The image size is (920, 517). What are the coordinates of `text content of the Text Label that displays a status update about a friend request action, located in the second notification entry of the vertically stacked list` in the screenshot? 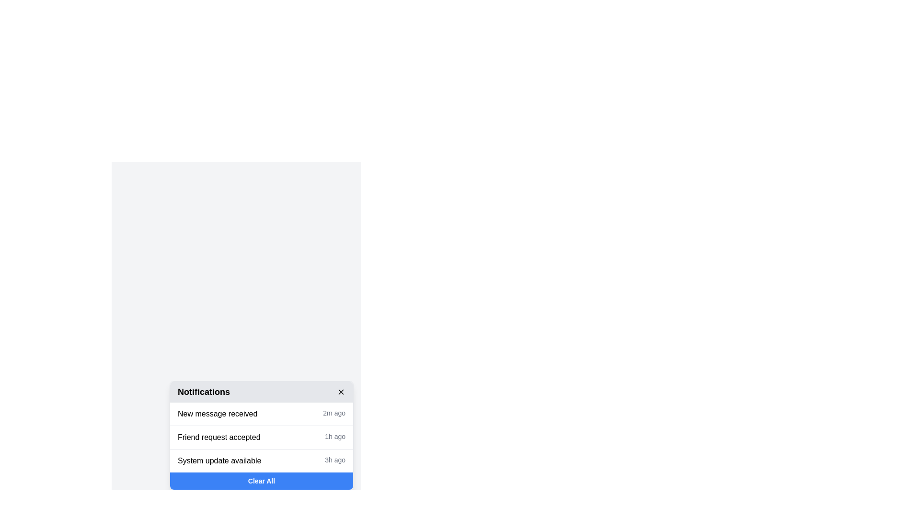 It's located at (218, 438).